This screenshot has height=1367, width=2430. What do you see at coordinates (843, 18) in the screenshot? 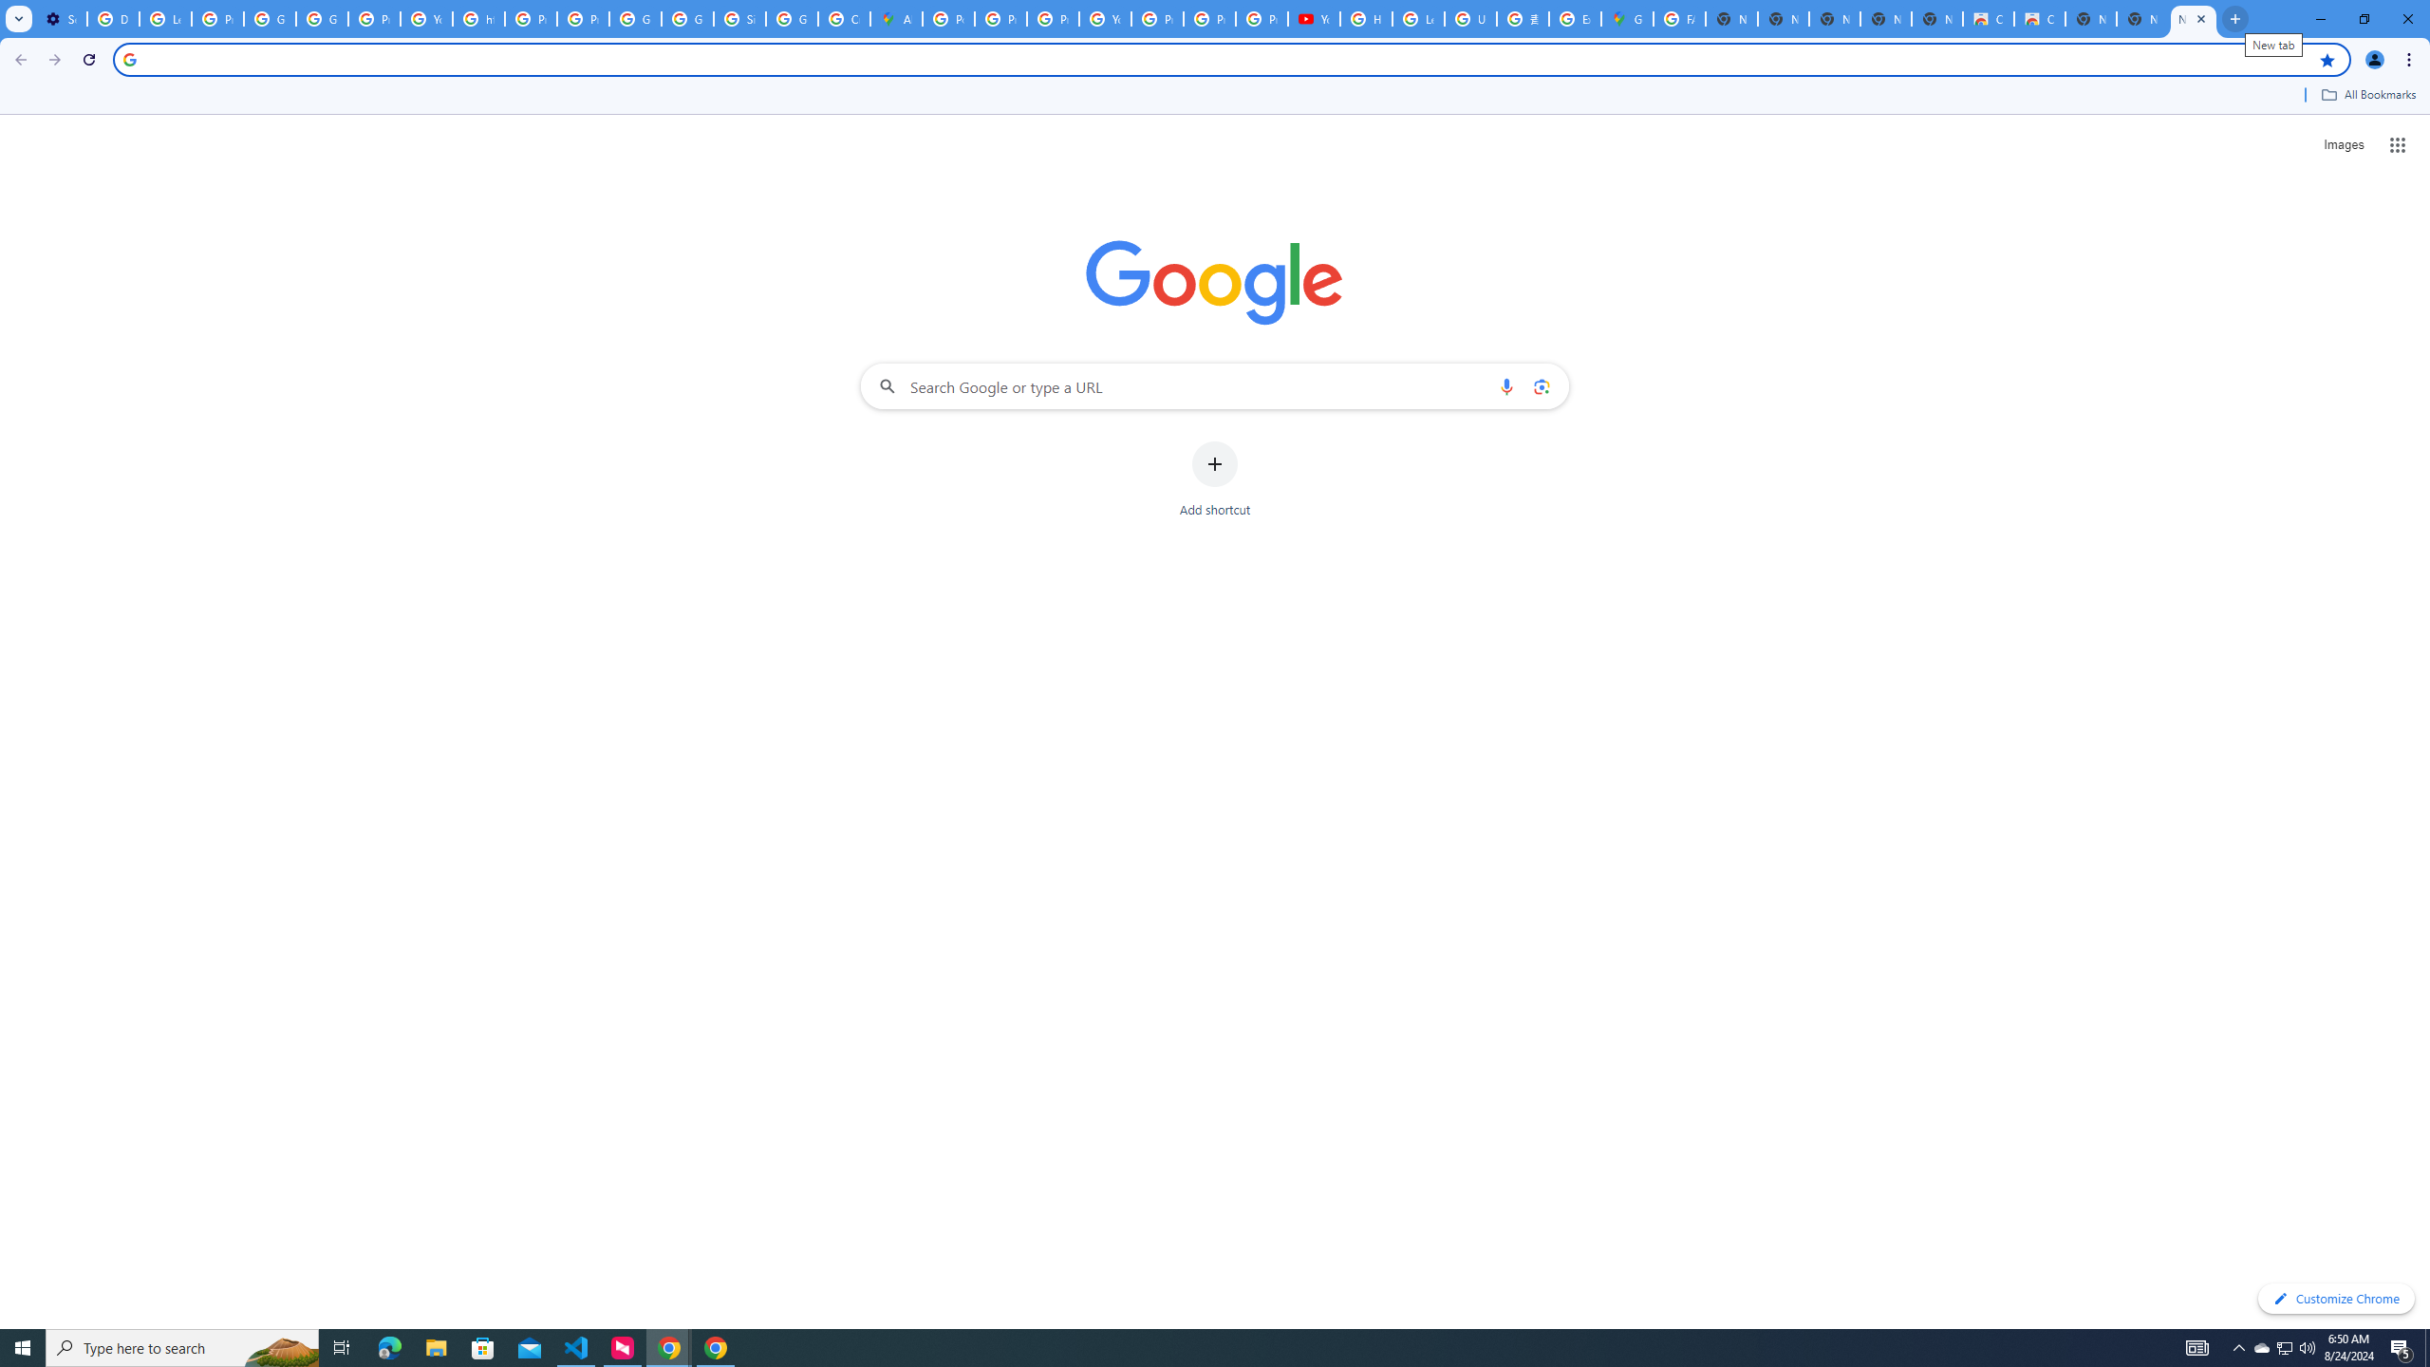
I see `'Create your Google Account'` at bounding box center [843, 18].